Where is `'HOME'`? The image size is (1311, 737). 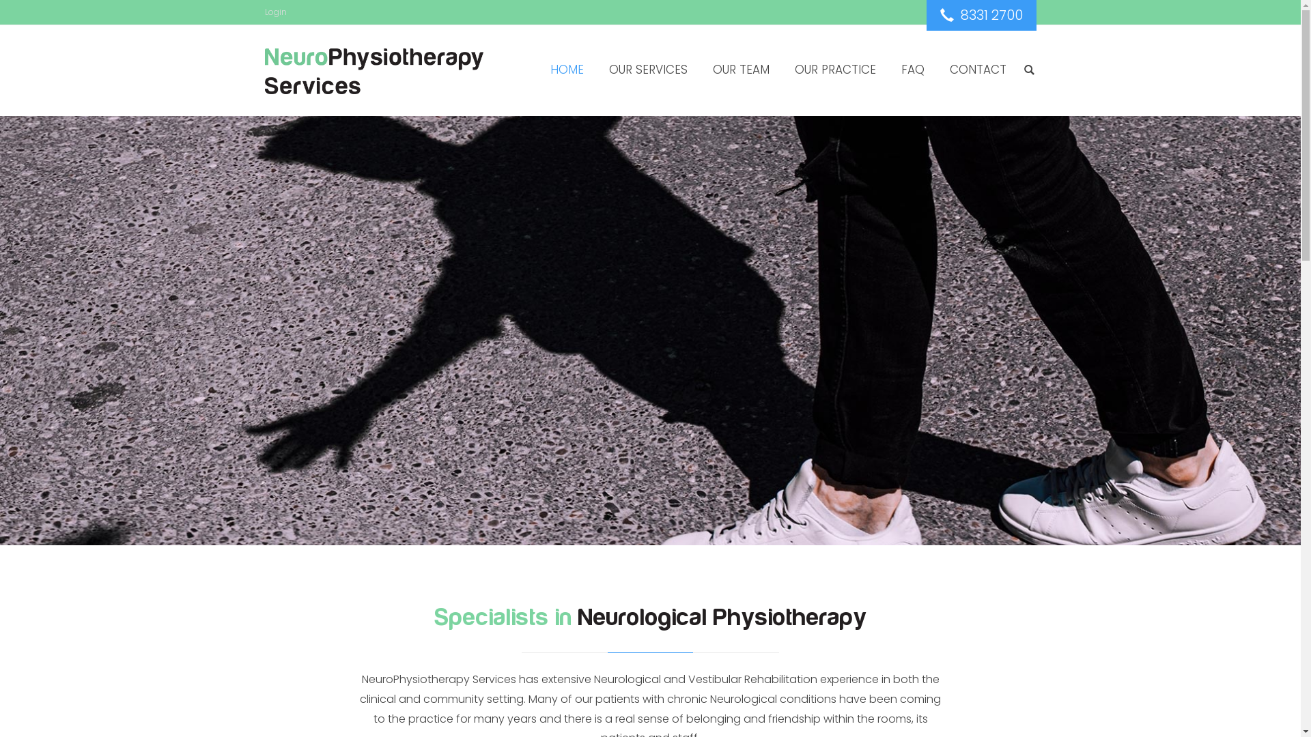
'HOME' is located at coordinates (537, 69).